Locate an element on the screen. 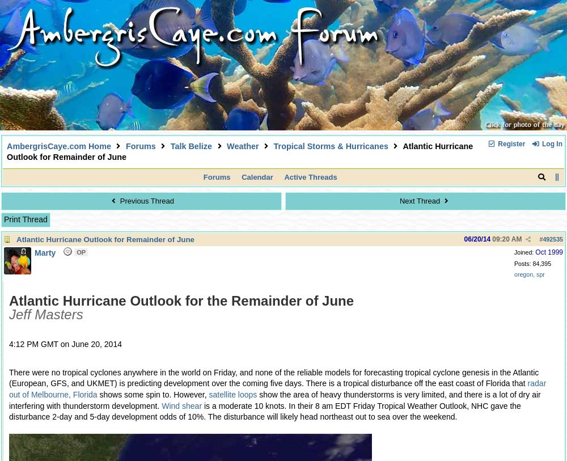  'Wind shear' is located at coordinates (181, 405).